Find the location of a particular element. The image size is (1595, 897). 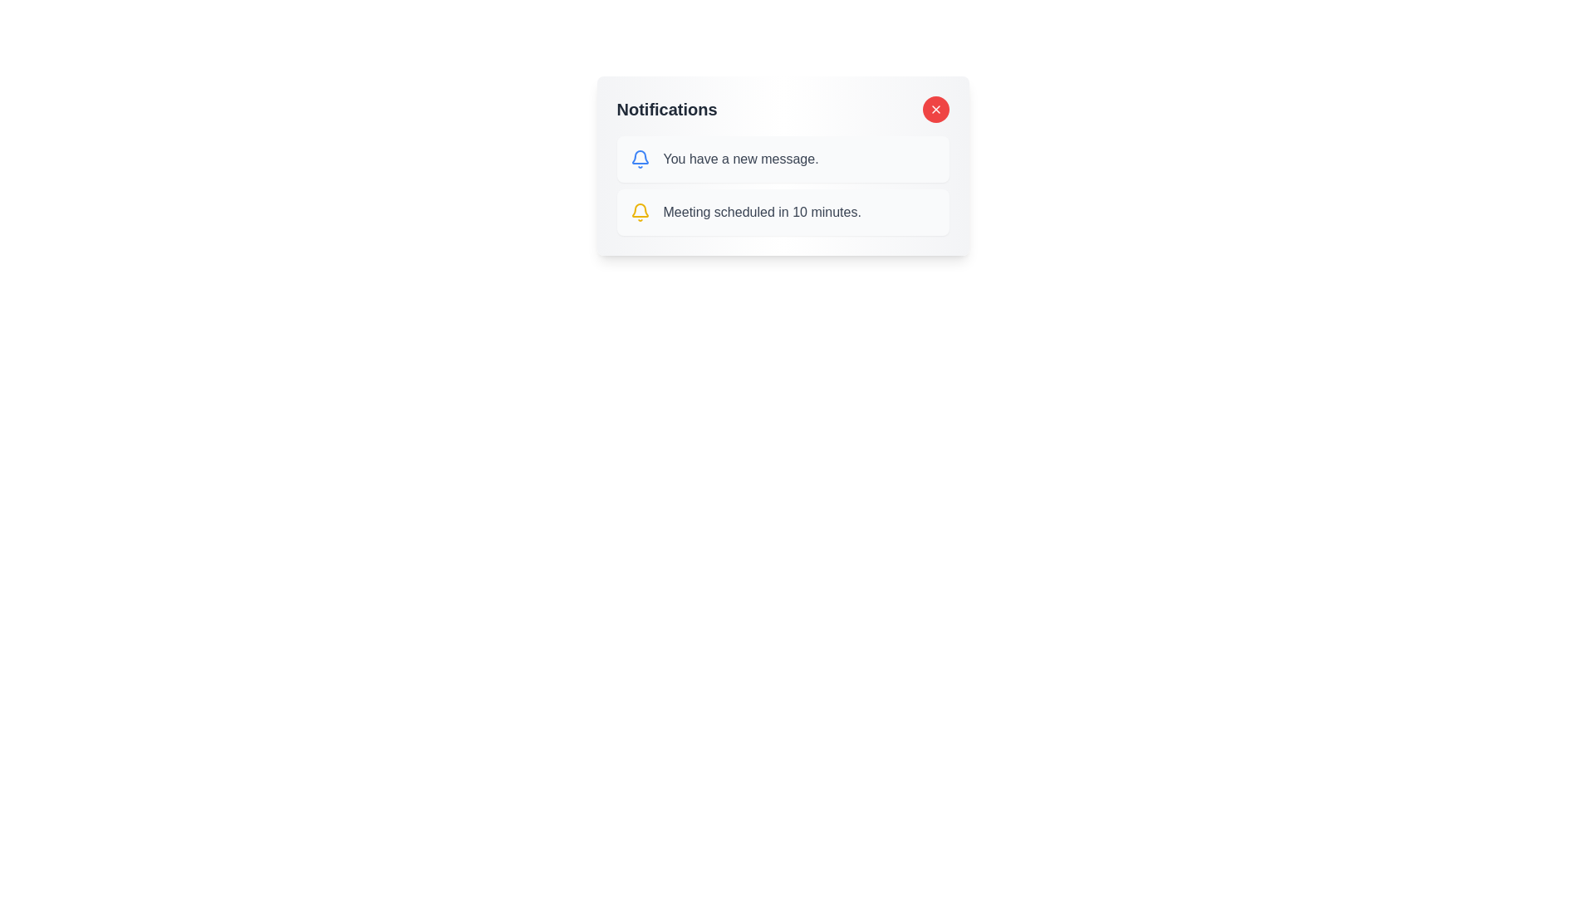

message content displayed in the text label that informs the user about receiving a new message, located in the first row of the notification list adjacent to the blue bell icon is located at coordinates (740, 159).